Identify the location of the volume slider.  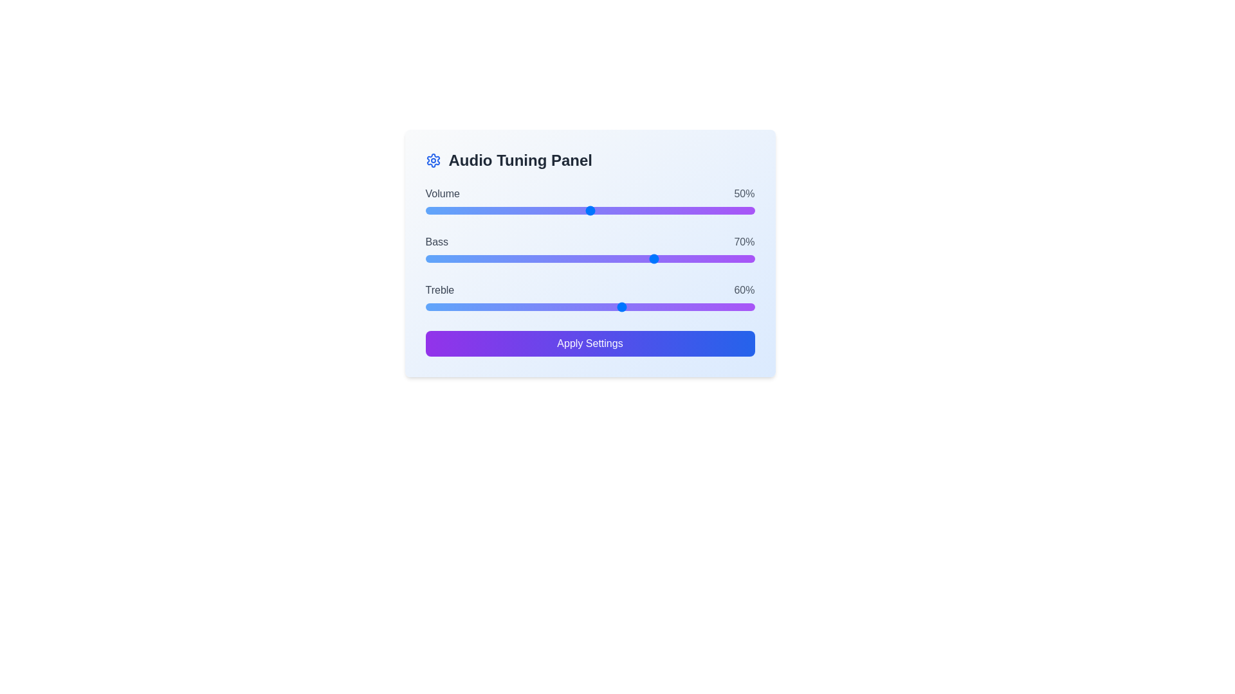
(455, 209).